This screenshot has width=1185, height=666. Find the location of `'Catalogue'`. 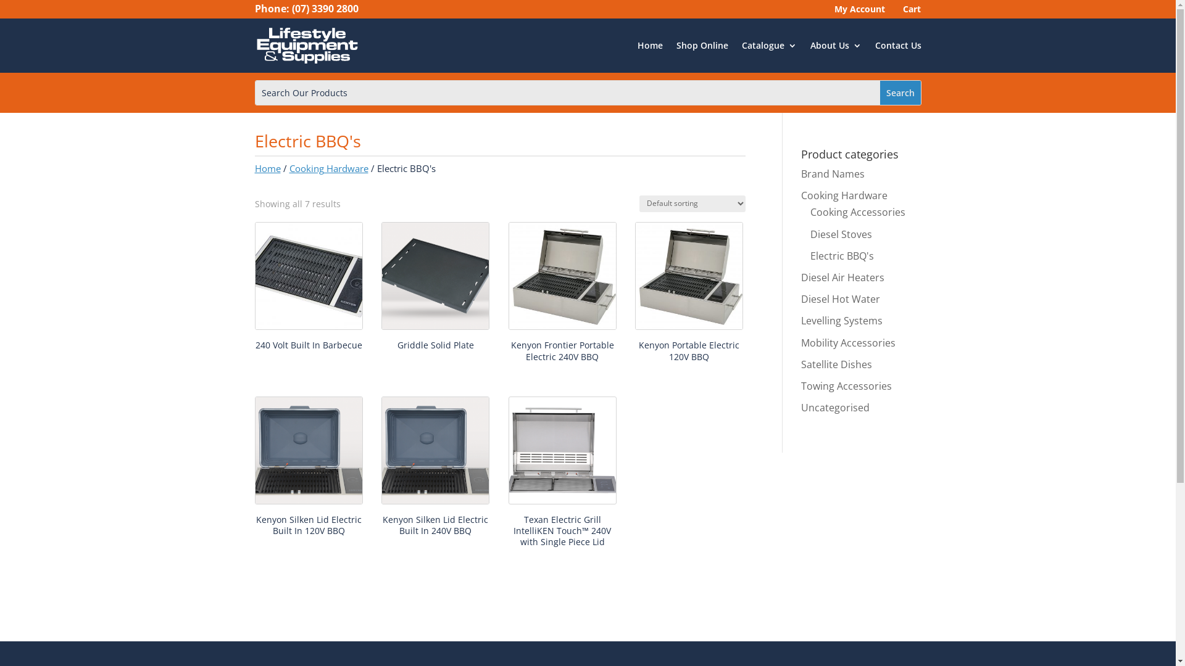

'Catalogue' is located at coordinates (741, 44).